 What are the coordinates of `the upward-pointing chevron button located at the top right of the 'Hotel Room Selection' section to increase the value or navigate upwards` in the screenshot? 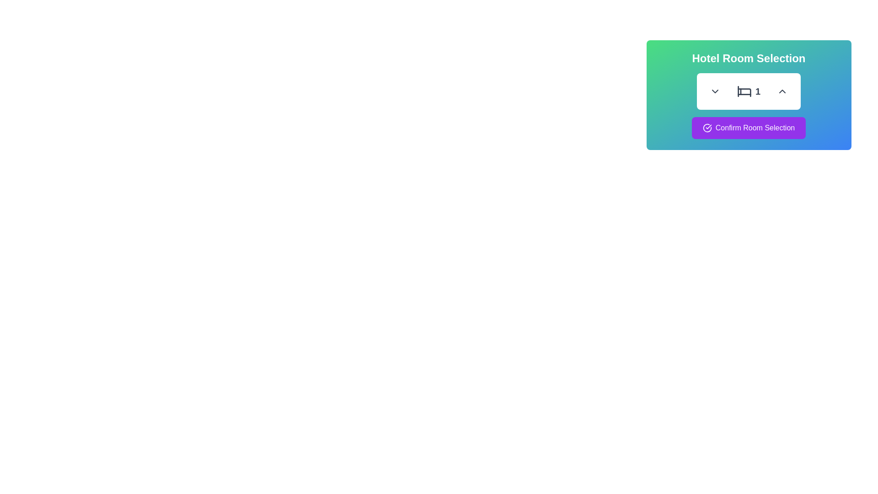 It's located at (782, 91).